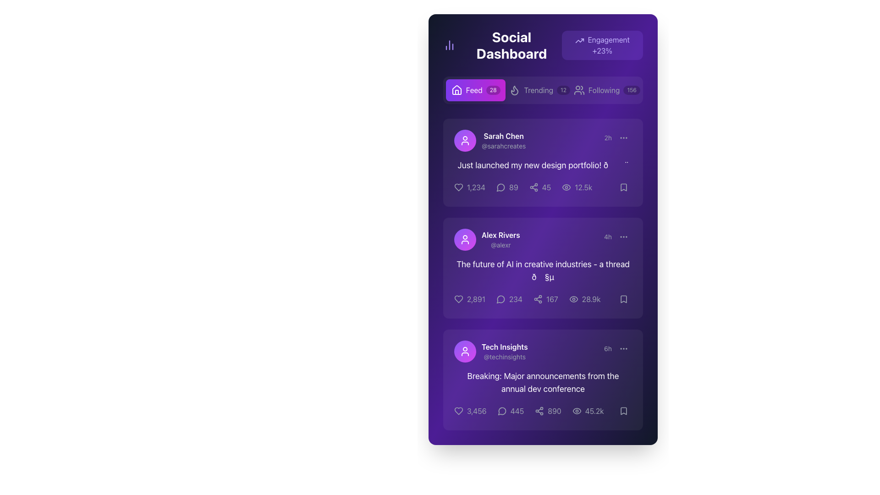 This screenshot has width=880, height=495. Describe the element at coordinates (545, 299) in the screenshot. I see `the share count button with an icon and text, located in the third position from the left in the 'Social Dashboard' under the post by 'Alex Rivers'` at that location.